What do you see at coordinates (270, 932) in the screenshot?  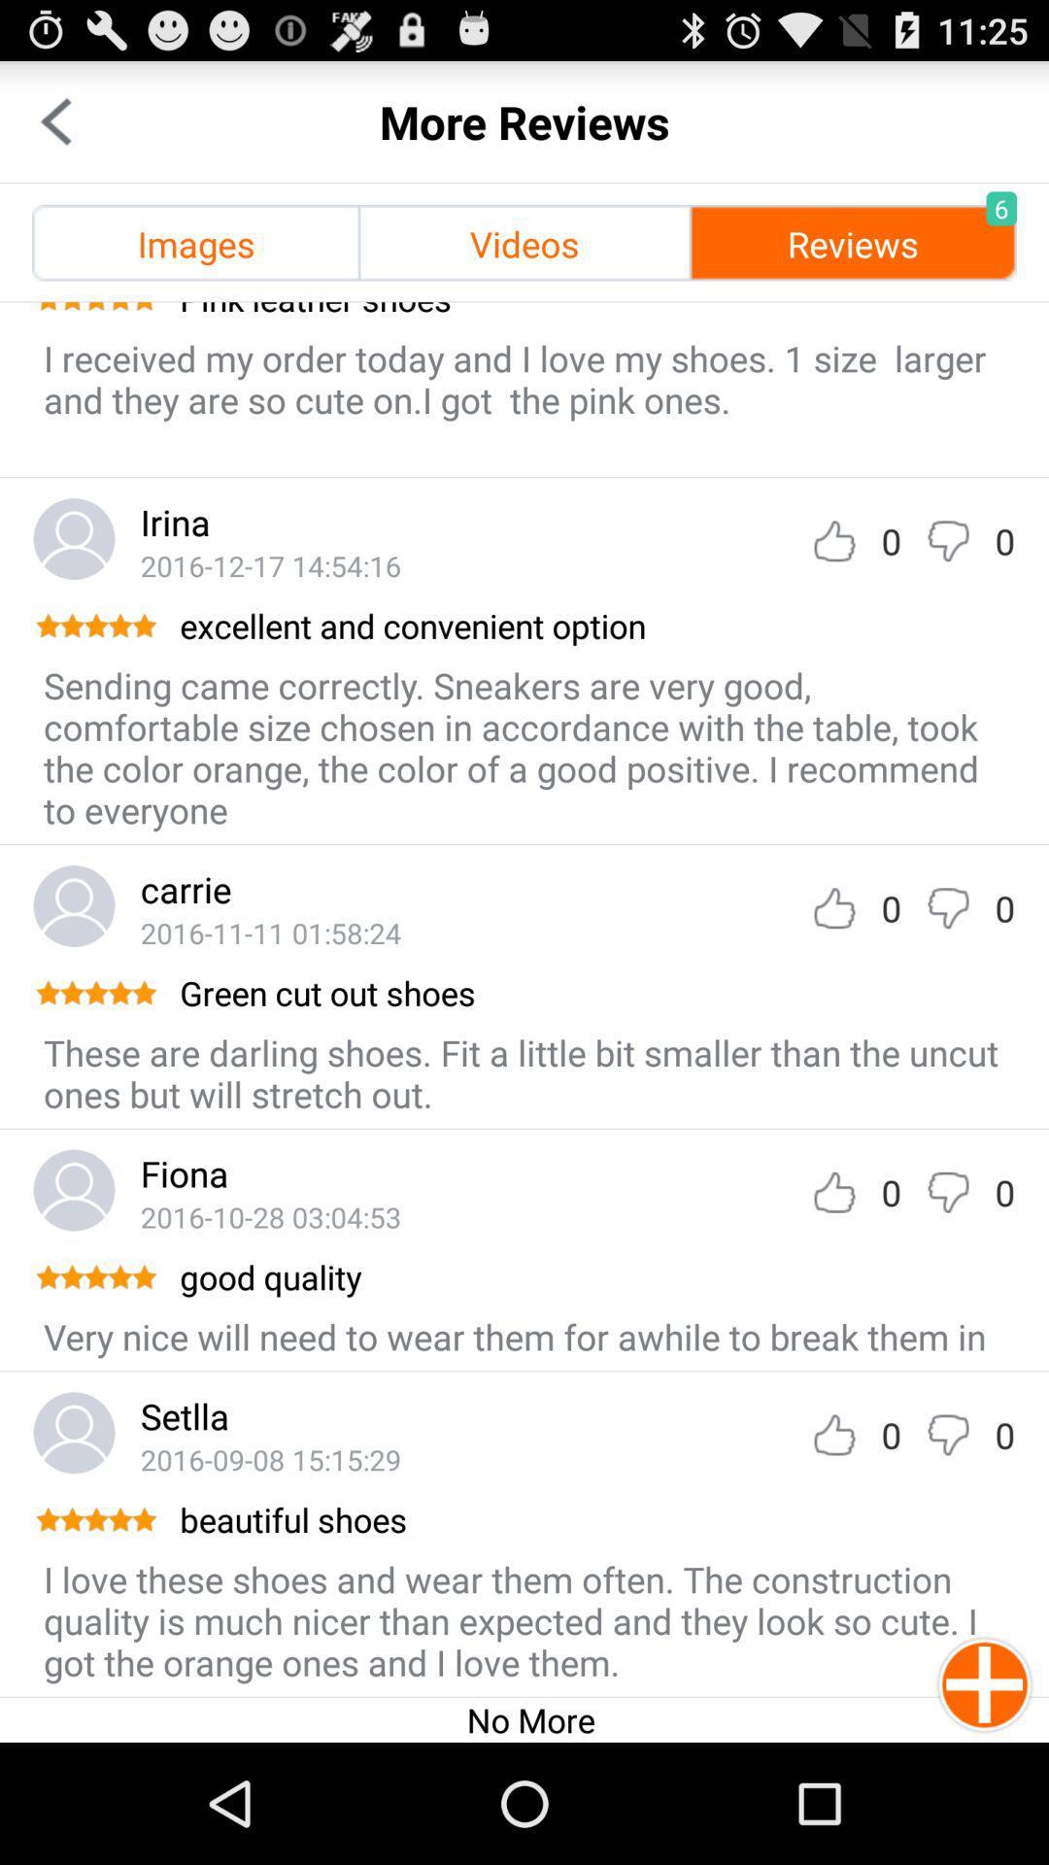 I see `item above the green cut out` at bounding box center [270, 932].